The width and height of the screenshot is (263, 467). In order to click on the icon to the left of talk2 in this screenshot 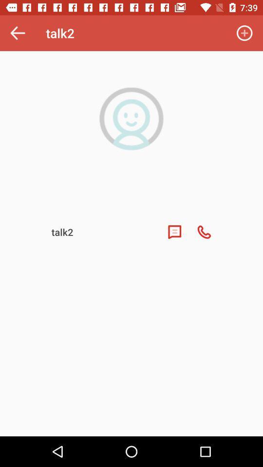, I will do `click(18, 33)`.